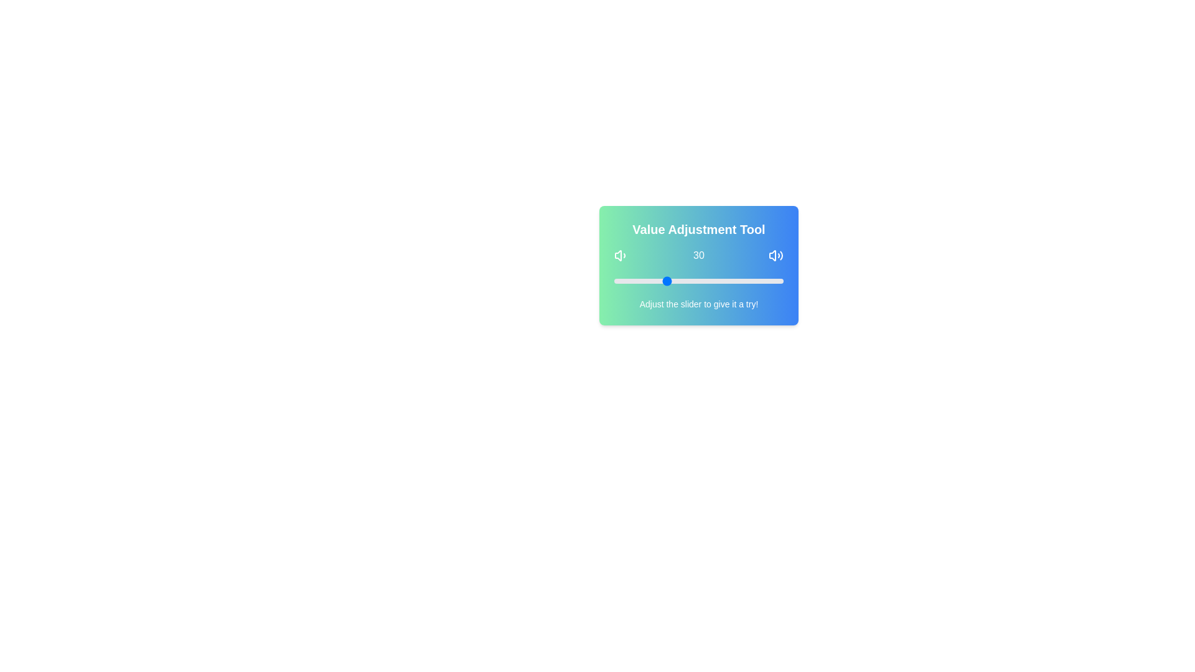  Describe the element at coordinates (699, 255) in the screenshot. I see `the text display showing the number '30' which represents the current value of the associated slider in the 'Value Adjustment Tool' component` at that location.